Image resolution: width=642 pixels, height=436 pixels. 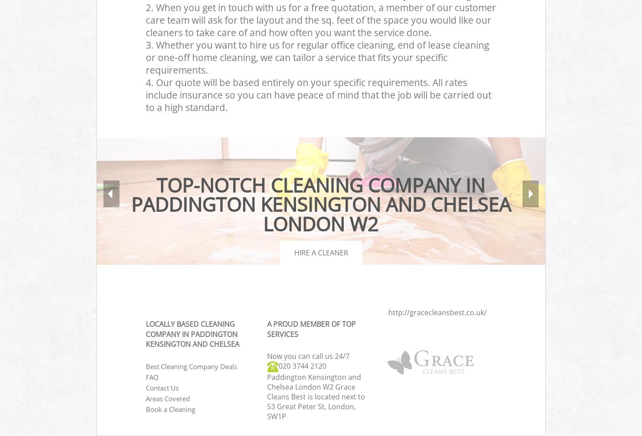 I want to click on 'FAQ', so click(x=146, y=376).